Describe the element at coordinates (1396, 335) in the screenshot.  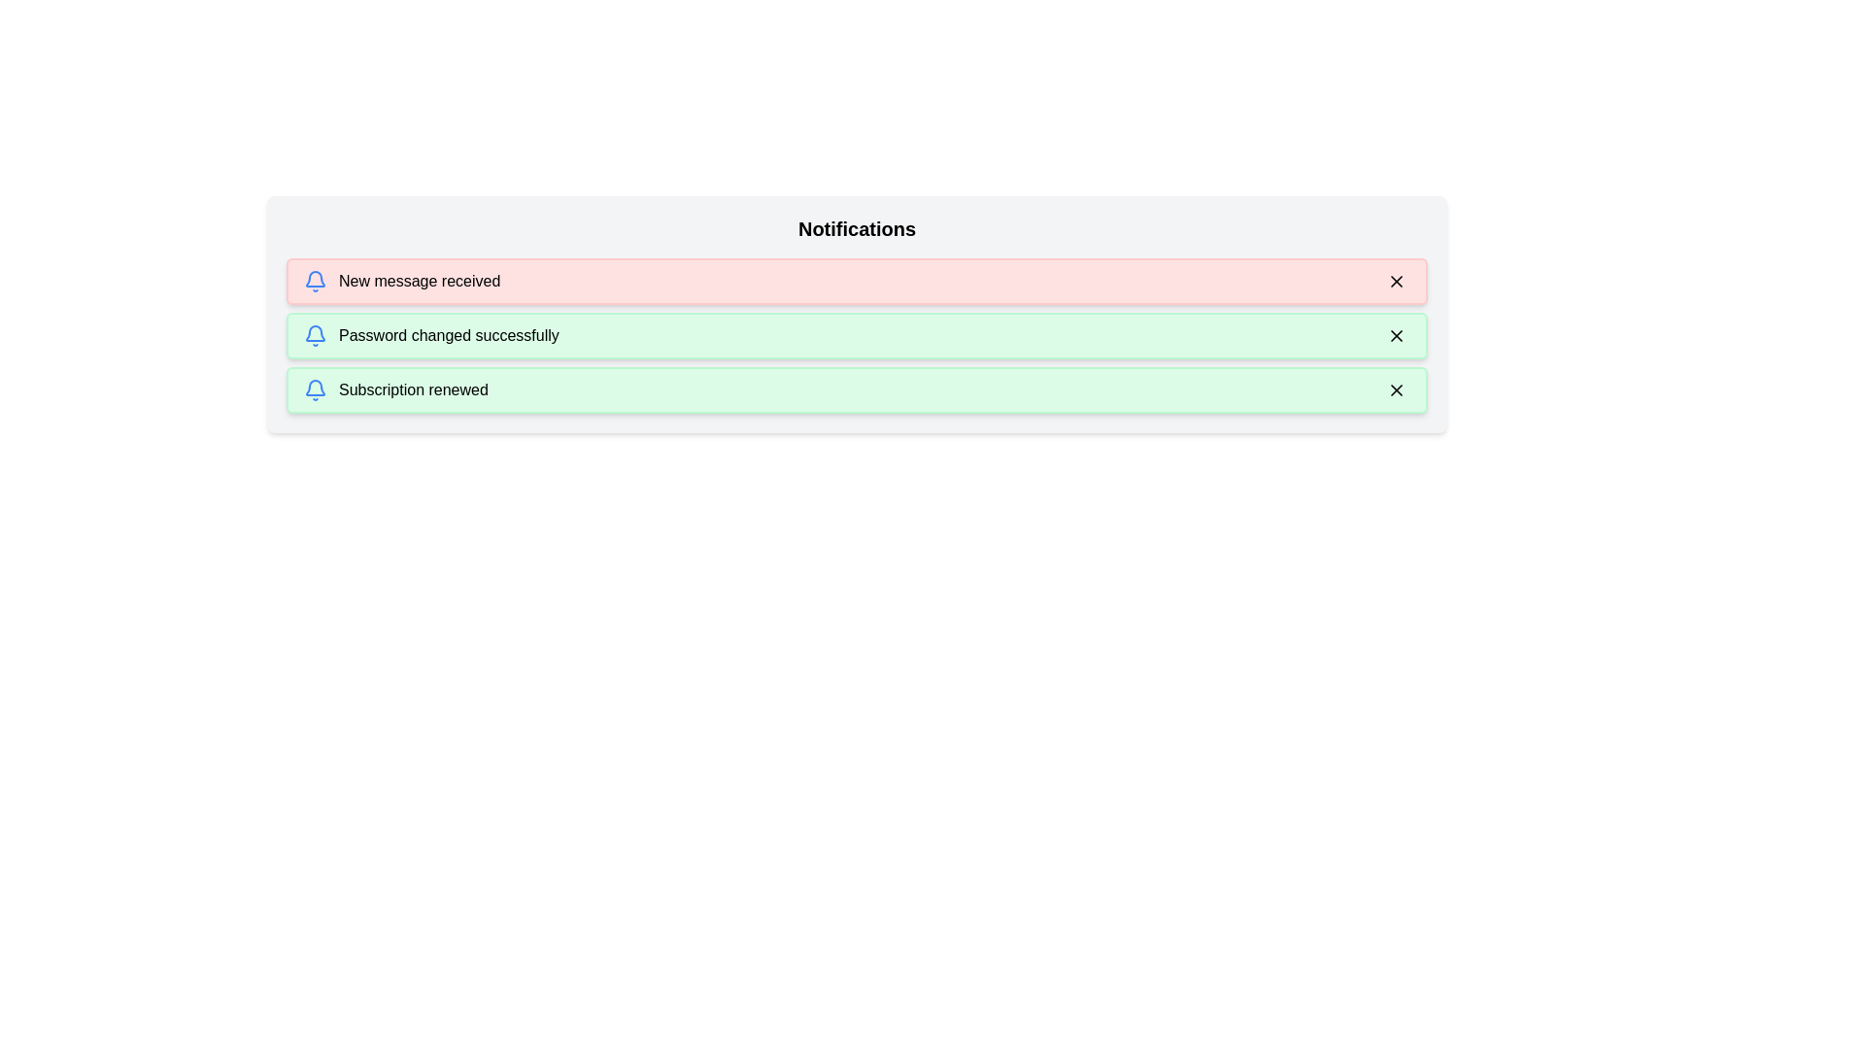
I see `the close button IconButton located in the second row of the notification box, which corresponds to the message 'Password changed successfully'` at that location.